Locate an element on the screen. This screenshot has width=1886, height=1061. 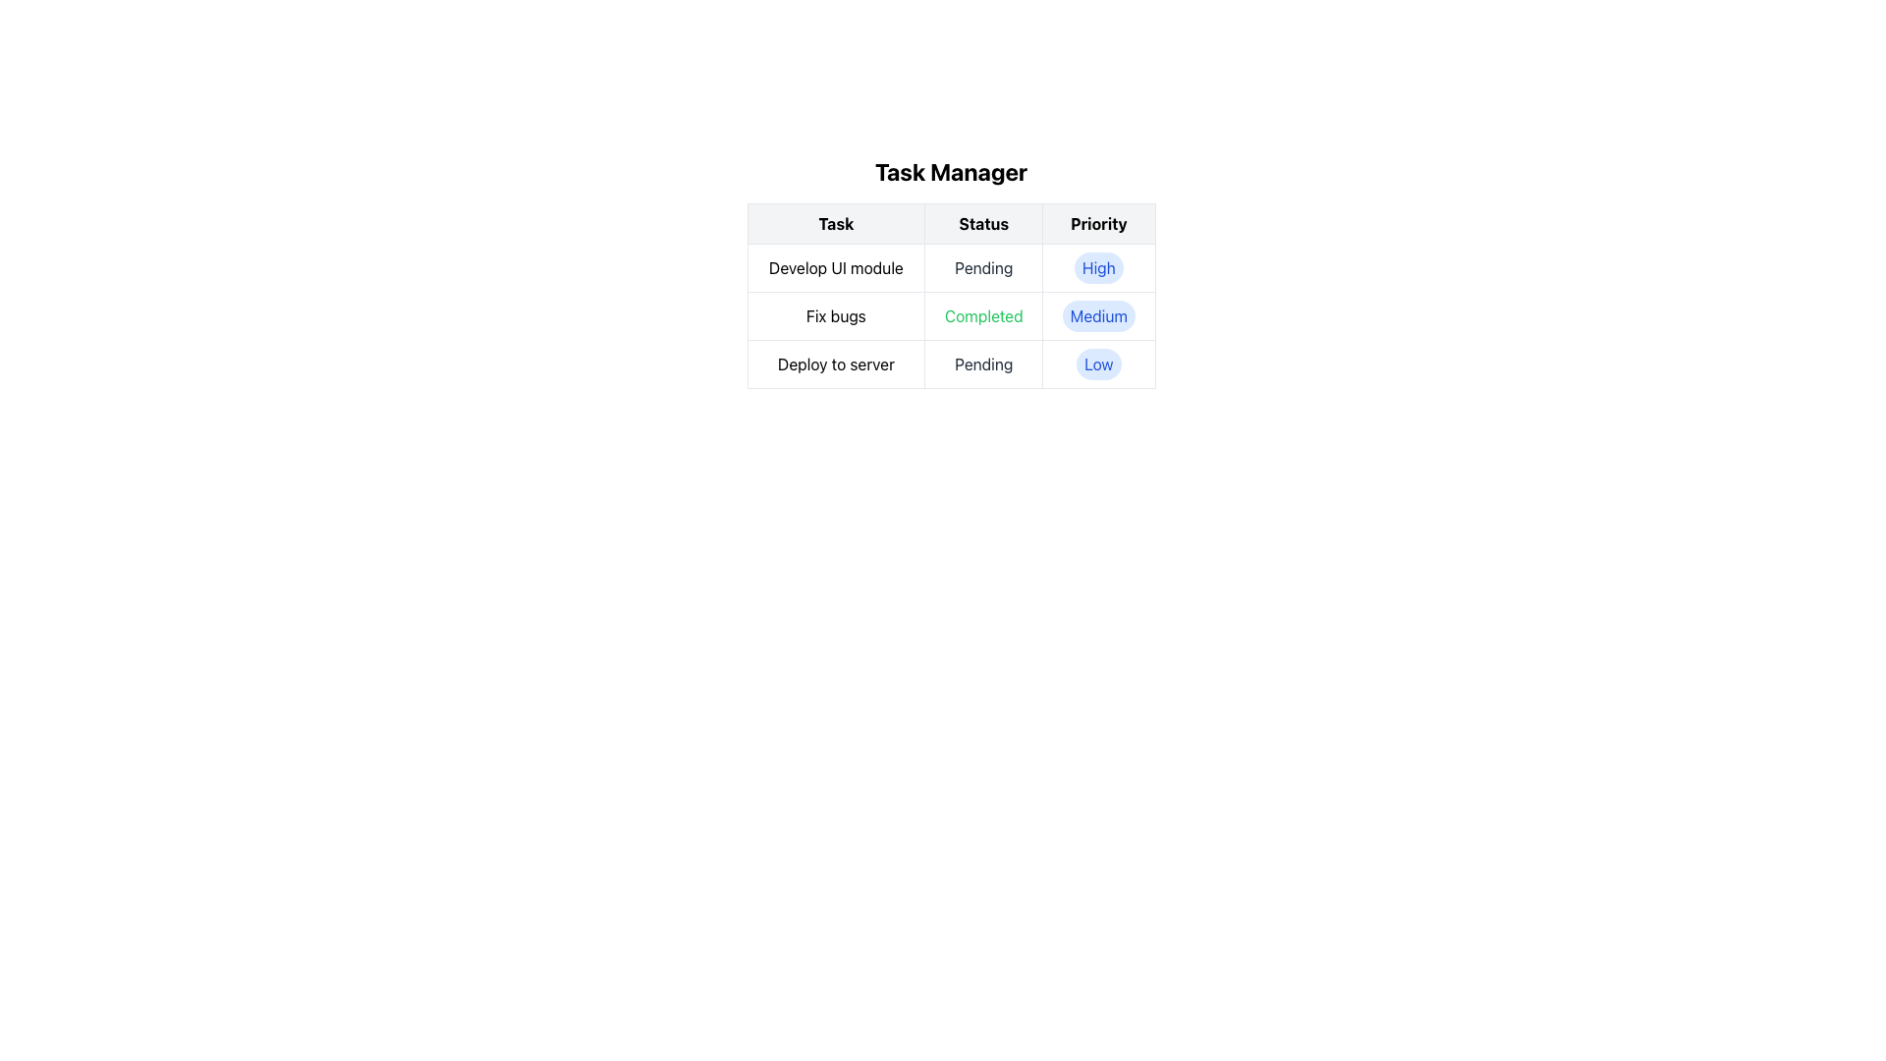
the header label indicating that the column below contains entries related to tasks, located in the first cell of the table's header row is located at coordinates (836, 222).